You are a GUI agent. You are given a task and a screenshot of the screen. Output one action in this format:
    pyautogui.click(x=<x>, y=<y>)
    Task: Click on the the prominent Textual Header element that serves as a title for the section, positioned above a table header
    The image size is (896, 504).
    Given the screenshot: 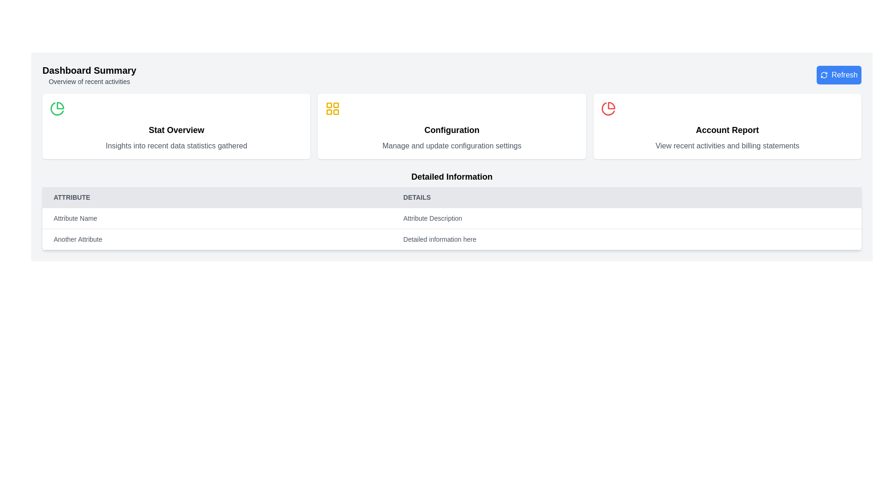 What is the action you would take?
    pyautogui.click(x=452, y=176)
    